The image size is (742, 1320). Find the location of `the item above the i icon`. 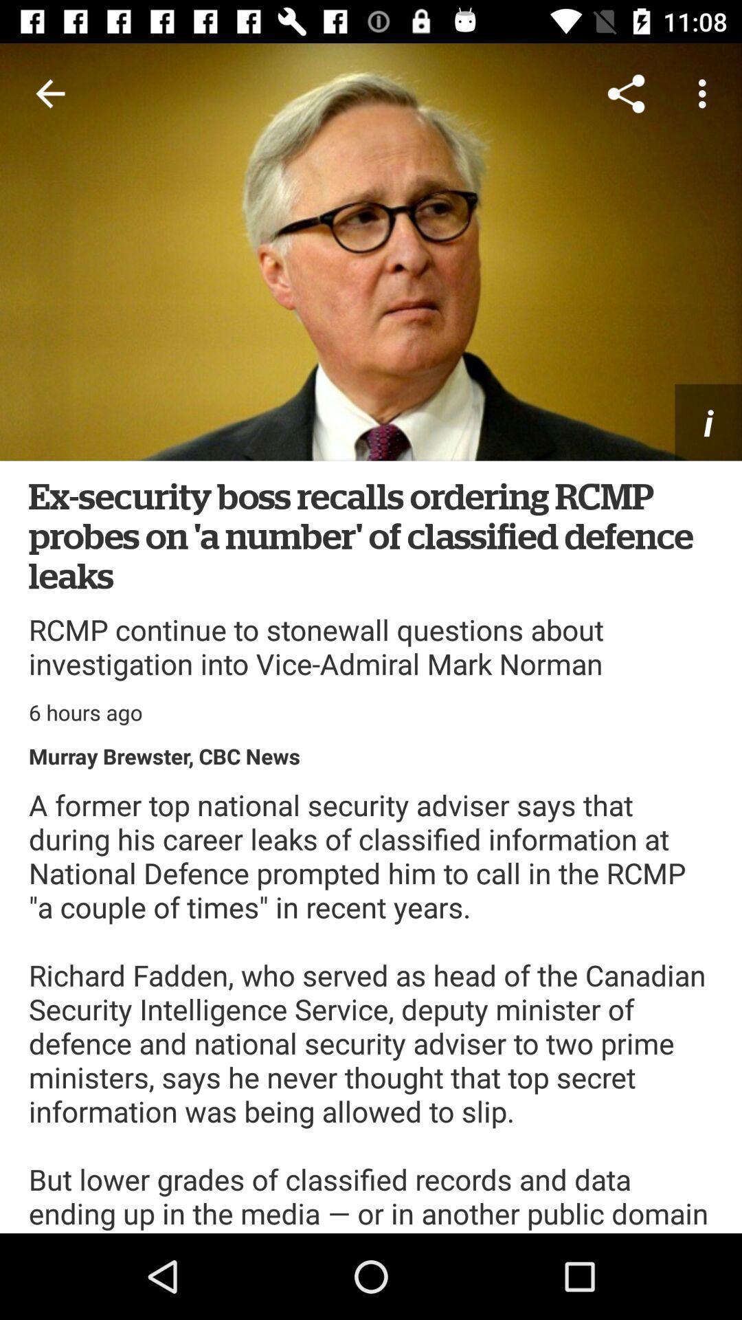

the item above the i icon is located at coordinates (626, 93).